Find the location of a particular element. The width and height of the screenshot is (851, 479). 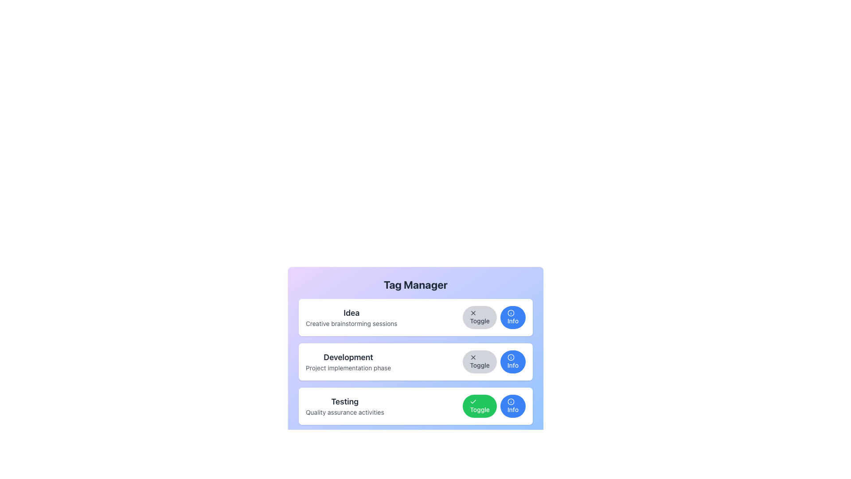

the toggle button for the 'Testing' section is located at coordinates (494, 406).